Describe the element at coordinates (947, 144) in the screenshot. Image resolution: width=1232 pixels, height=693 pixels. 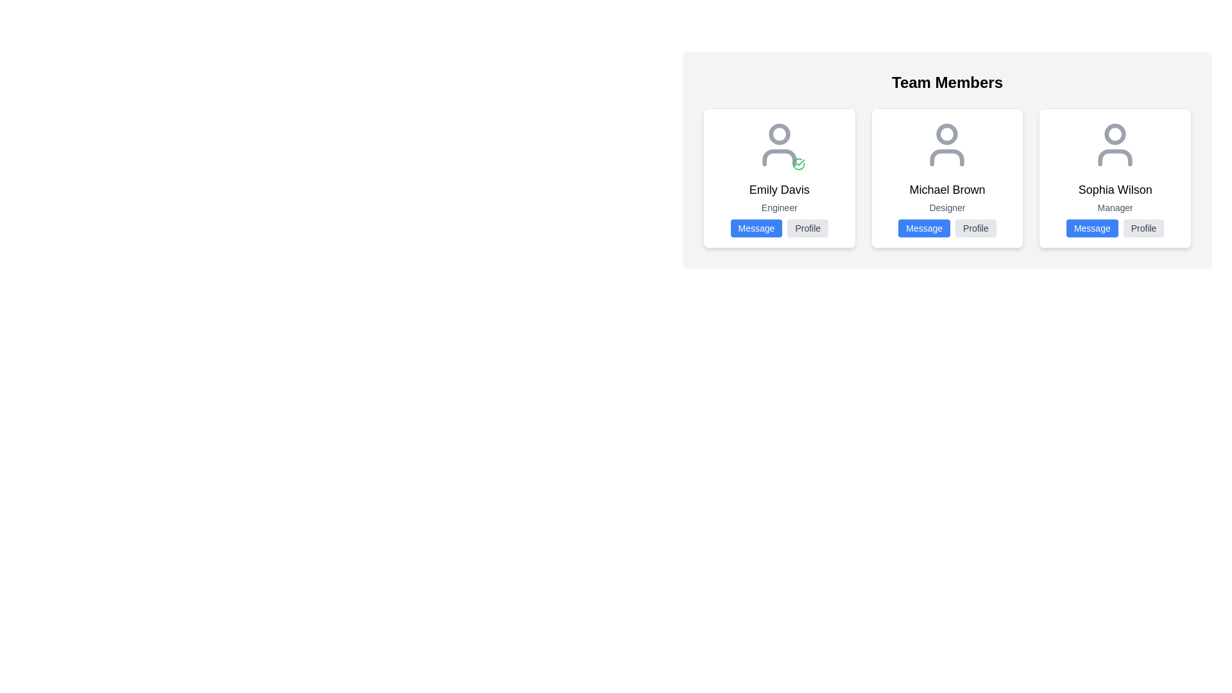
I see `avatar graphical icon representing Michael Brown, located at the top of the card` at that location.